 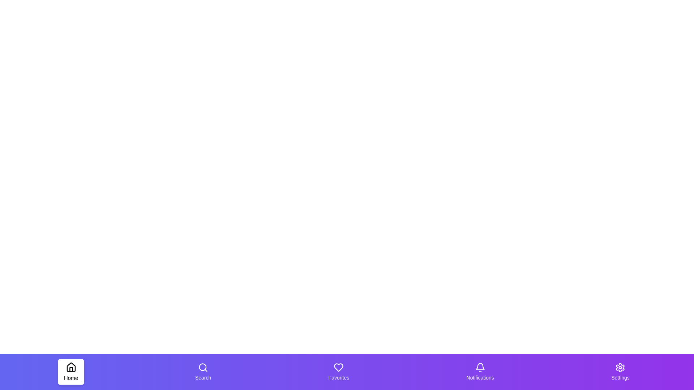 I want to click on the tab labeled Settings, so click(x=620, y=372).